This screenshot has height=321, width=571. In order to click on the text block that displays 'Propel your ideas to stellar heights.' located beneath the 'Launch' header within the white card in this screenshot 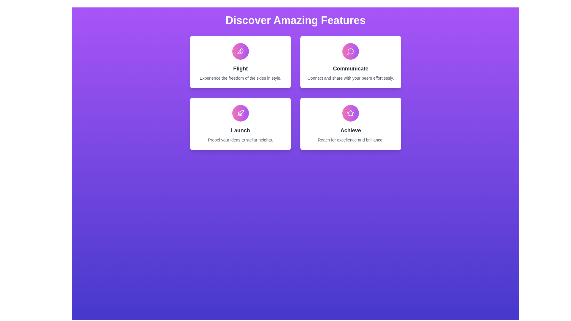, I will do `click(240, 140)`.